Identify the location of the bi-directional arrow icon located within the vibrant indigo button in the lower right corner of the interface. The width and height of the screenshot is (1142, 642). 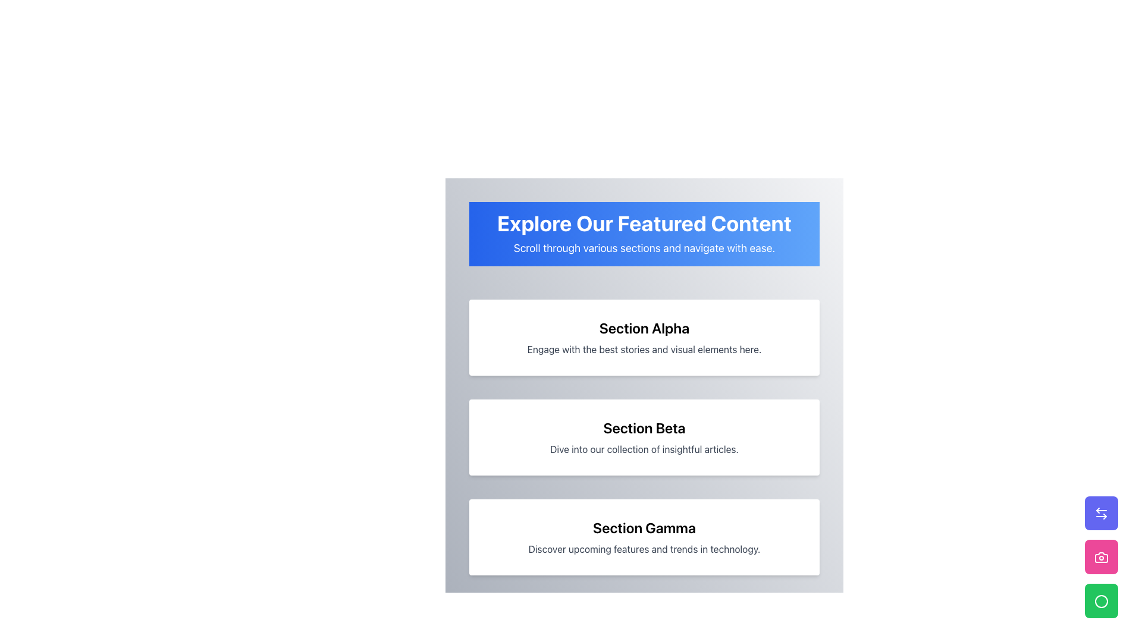
(1101, 513).